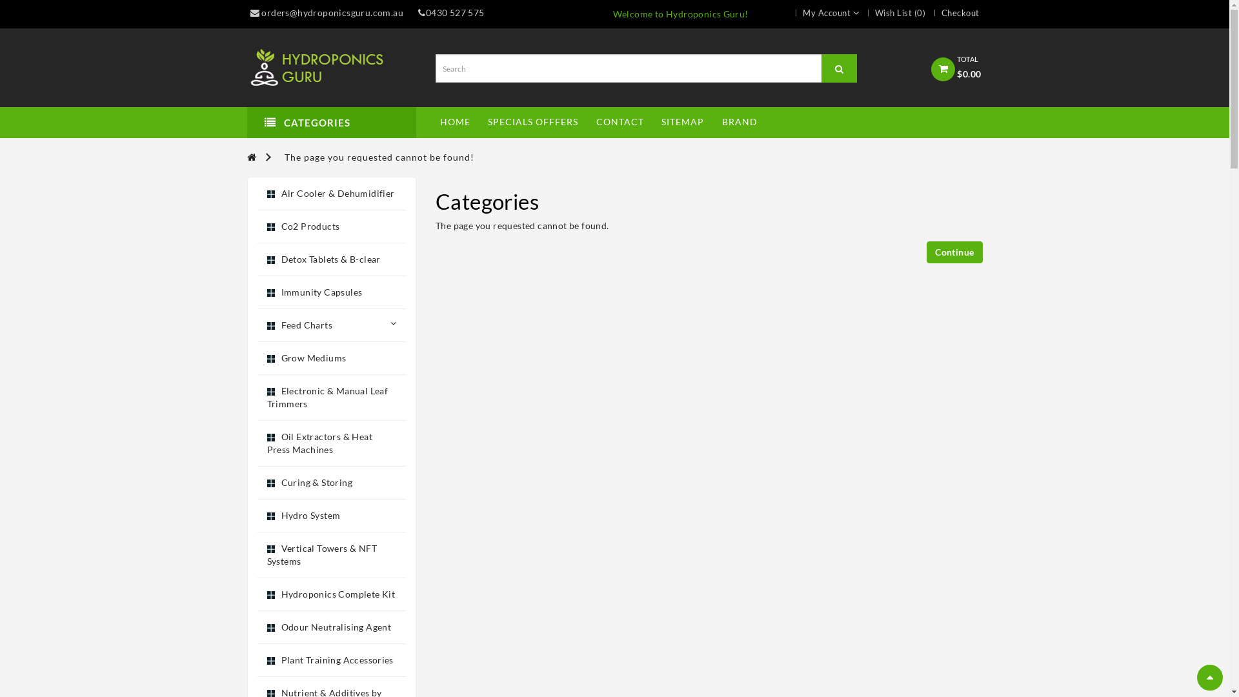 This screenshot has height=697, width=1239. Describe the element at coordinates (331, 626) in the screenshot. I see `'Odour Neutralising Agent'` at that location.